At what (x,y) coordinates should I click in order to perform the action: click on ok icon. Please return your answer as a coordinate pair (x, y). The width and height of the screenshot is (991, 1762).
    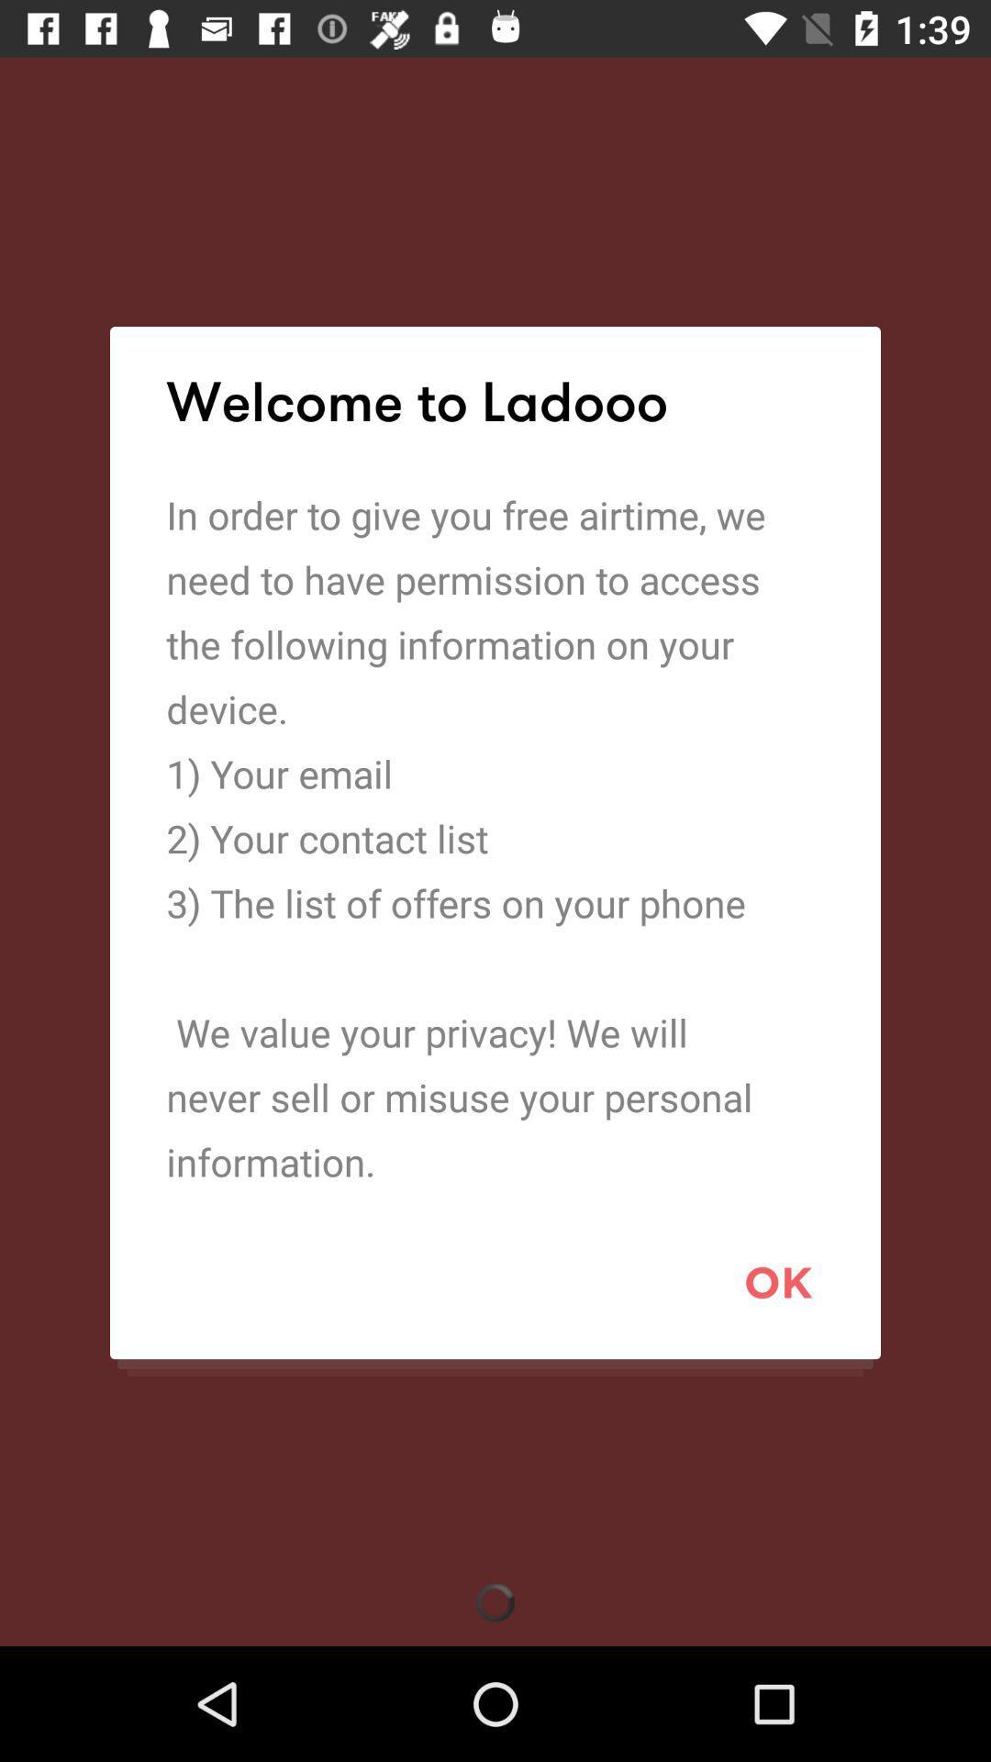
    Looking at the image, I should click on (778, 1281).